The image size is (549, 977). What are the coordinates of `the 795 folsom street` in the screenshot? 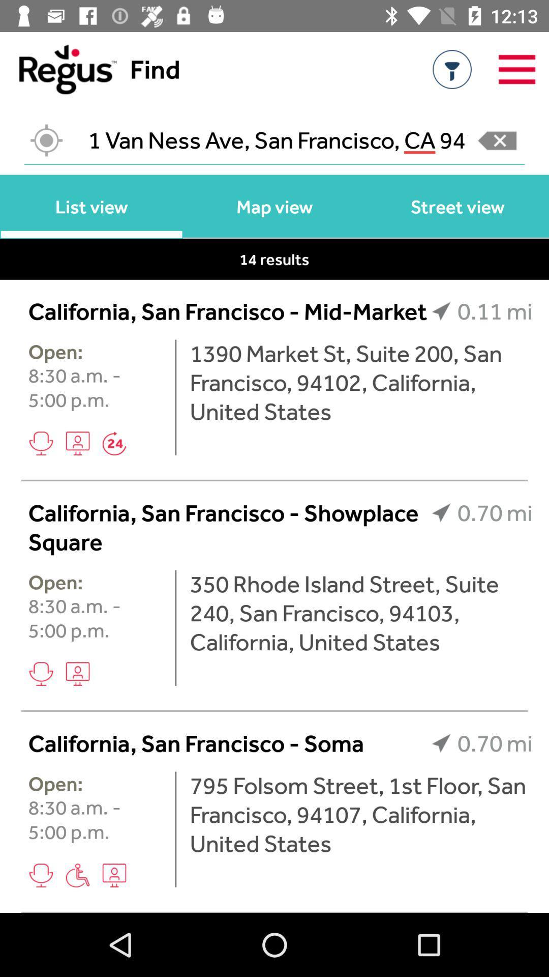 It's located at (360, 814).